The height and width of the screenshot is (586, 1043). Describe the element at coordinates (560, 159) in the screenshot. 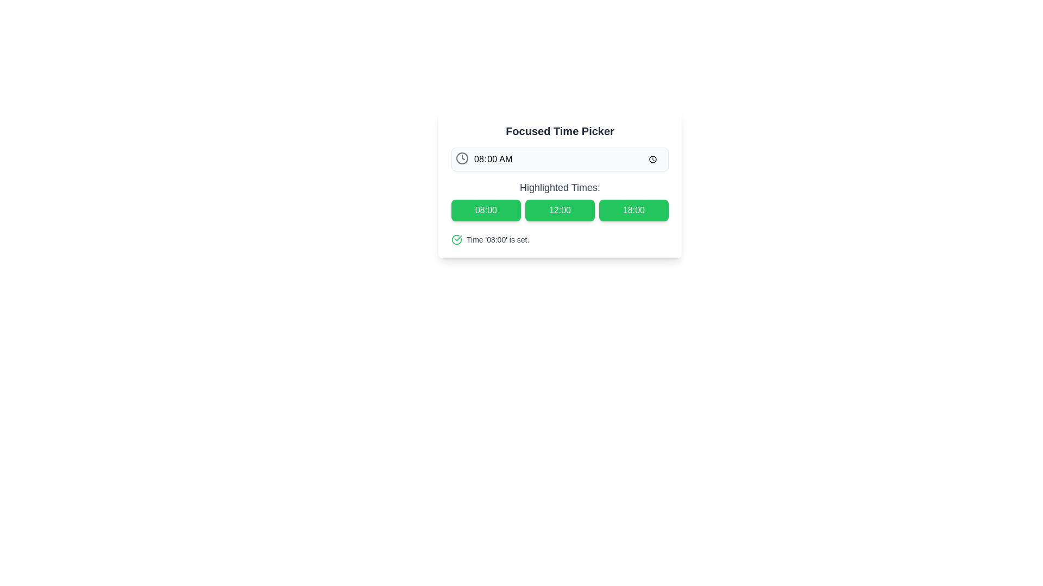

I see `the Time picker input field displaying '08:00 AM'` at that location.